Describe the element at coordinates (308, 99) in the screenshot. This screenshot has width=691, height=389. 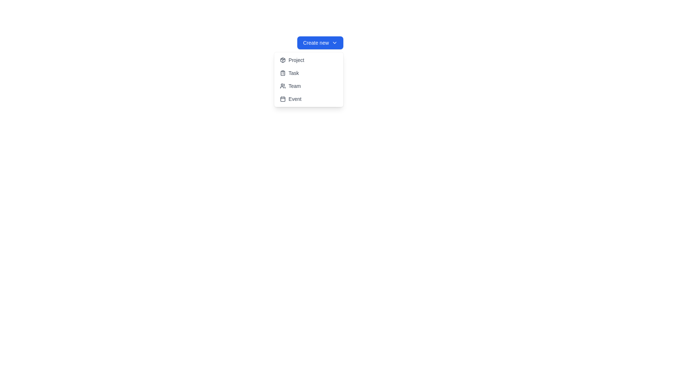
I see `the 'Event' button, which is the fourth option in the vertical menu list beneath the 'Team' option and below the 'Create new' button` at that location.